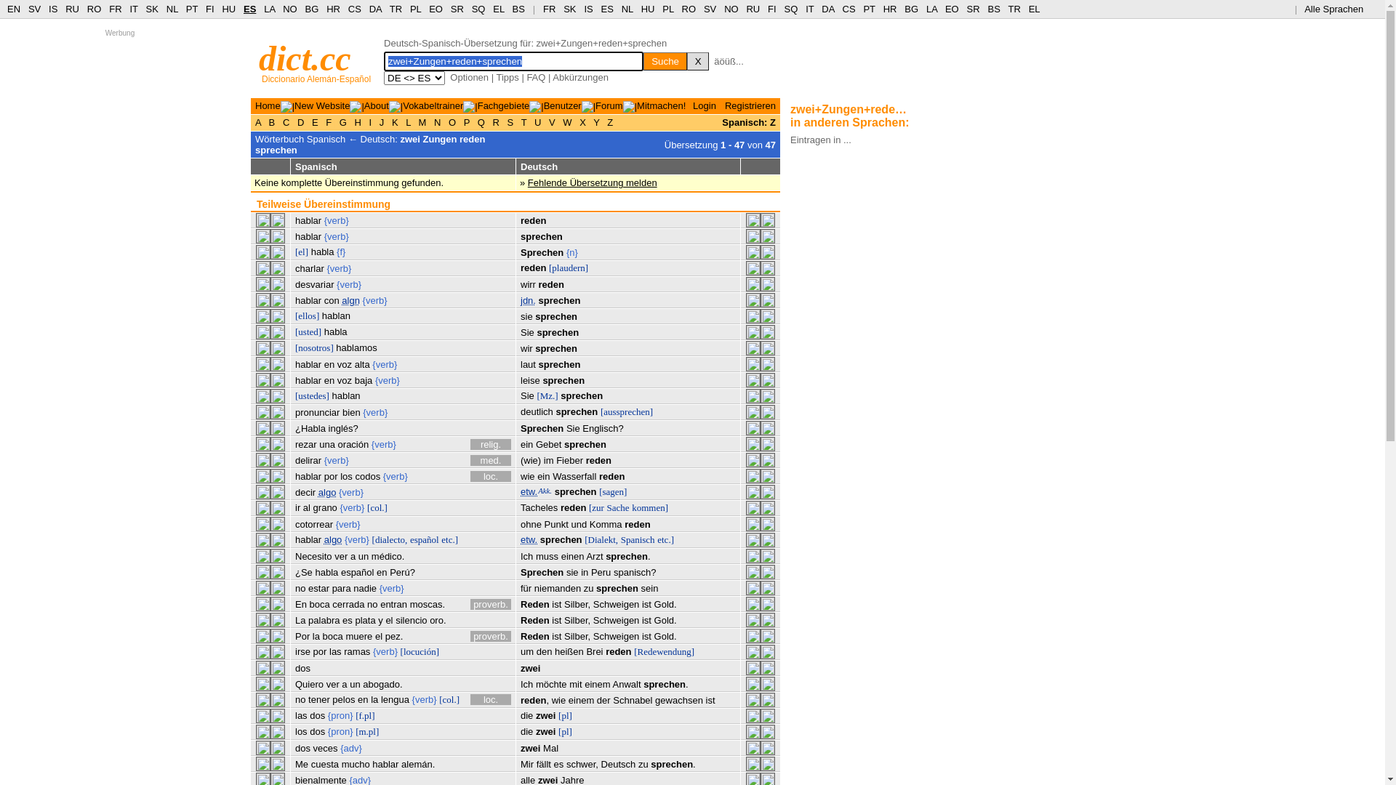 Image resolution: width=1396 pixels, height=785 pixels. I want to click on 'Gold.', so click(654, 604).